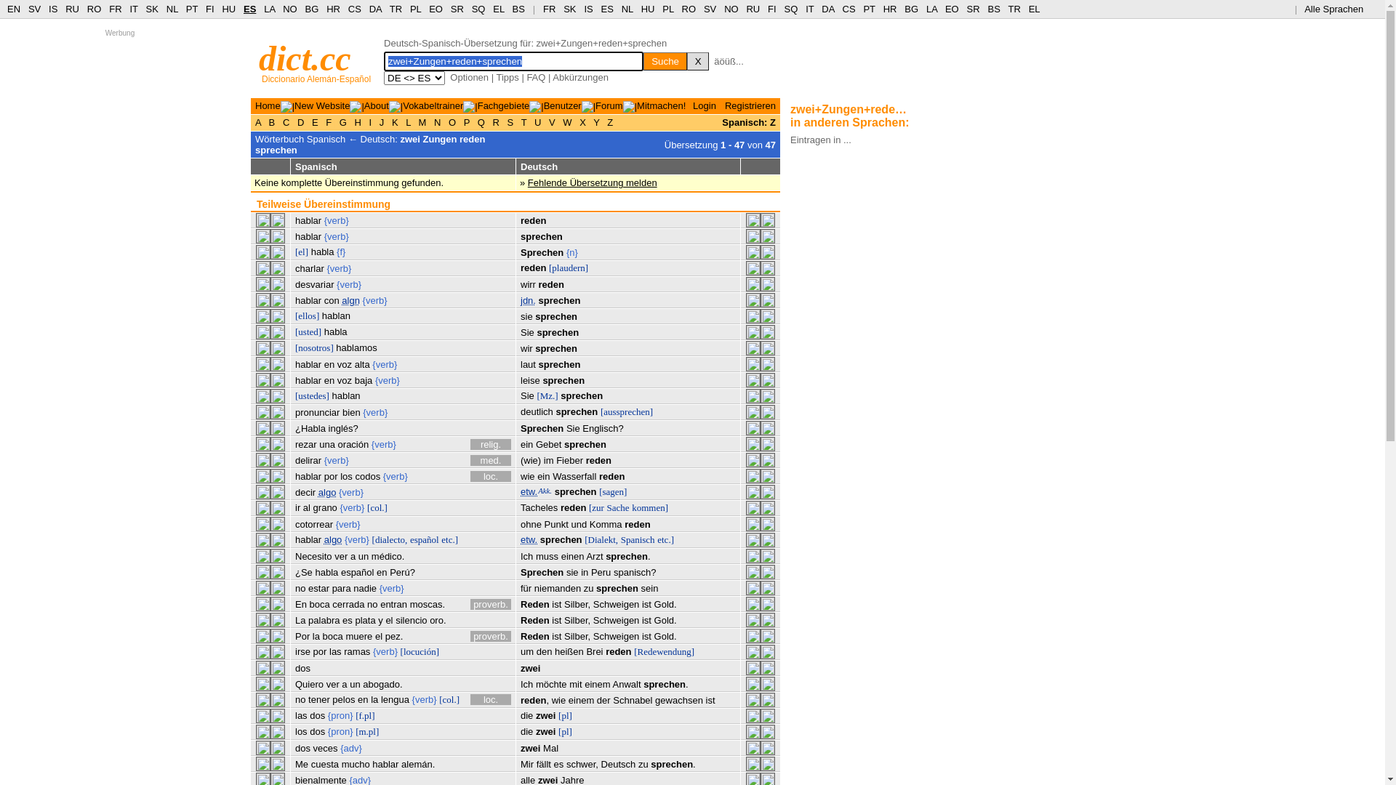 Image resolution: width=1396 pixels, height=785 pixels. I want to click on 'Gold.', so click(654, 604).